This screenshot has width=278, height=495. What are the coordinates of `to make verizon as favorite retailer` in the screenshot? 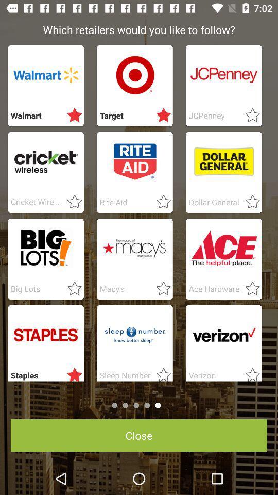 It's located at (249, 372).